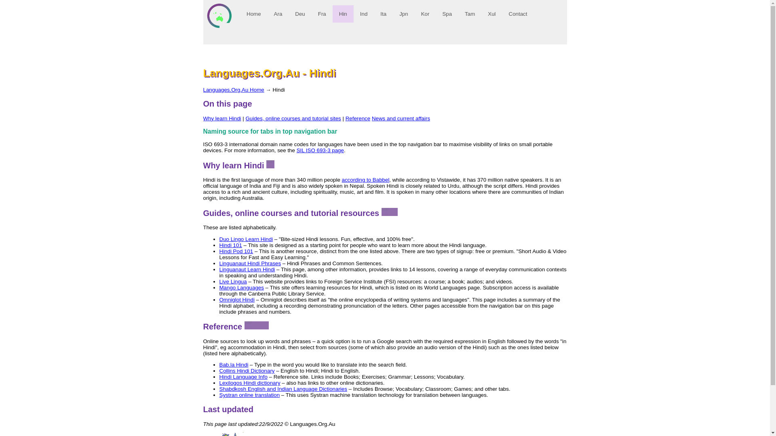 The image size is (776, 436). I want to click on 'Xul', so click(491, 14).